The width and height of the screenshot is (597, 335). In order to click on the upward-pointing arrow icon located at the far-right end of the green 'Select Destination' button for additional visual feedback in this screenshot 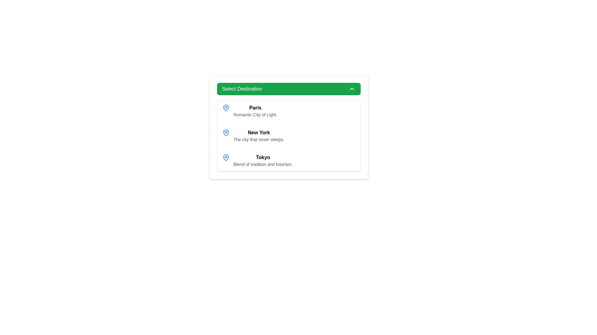, I will do `click(352, 89)`.